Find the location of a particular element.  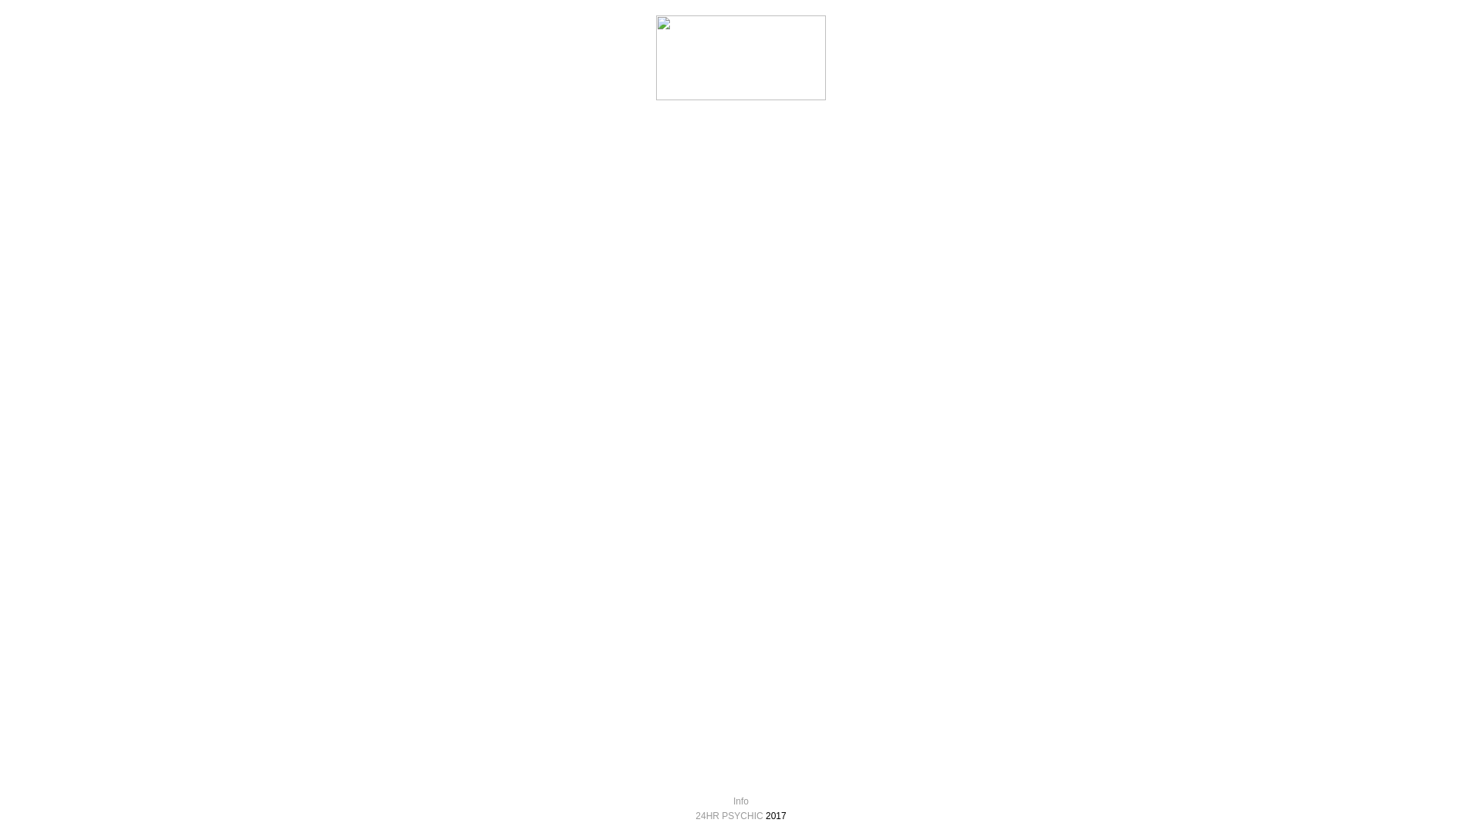

'Info' is located at coordinates (741, 800).